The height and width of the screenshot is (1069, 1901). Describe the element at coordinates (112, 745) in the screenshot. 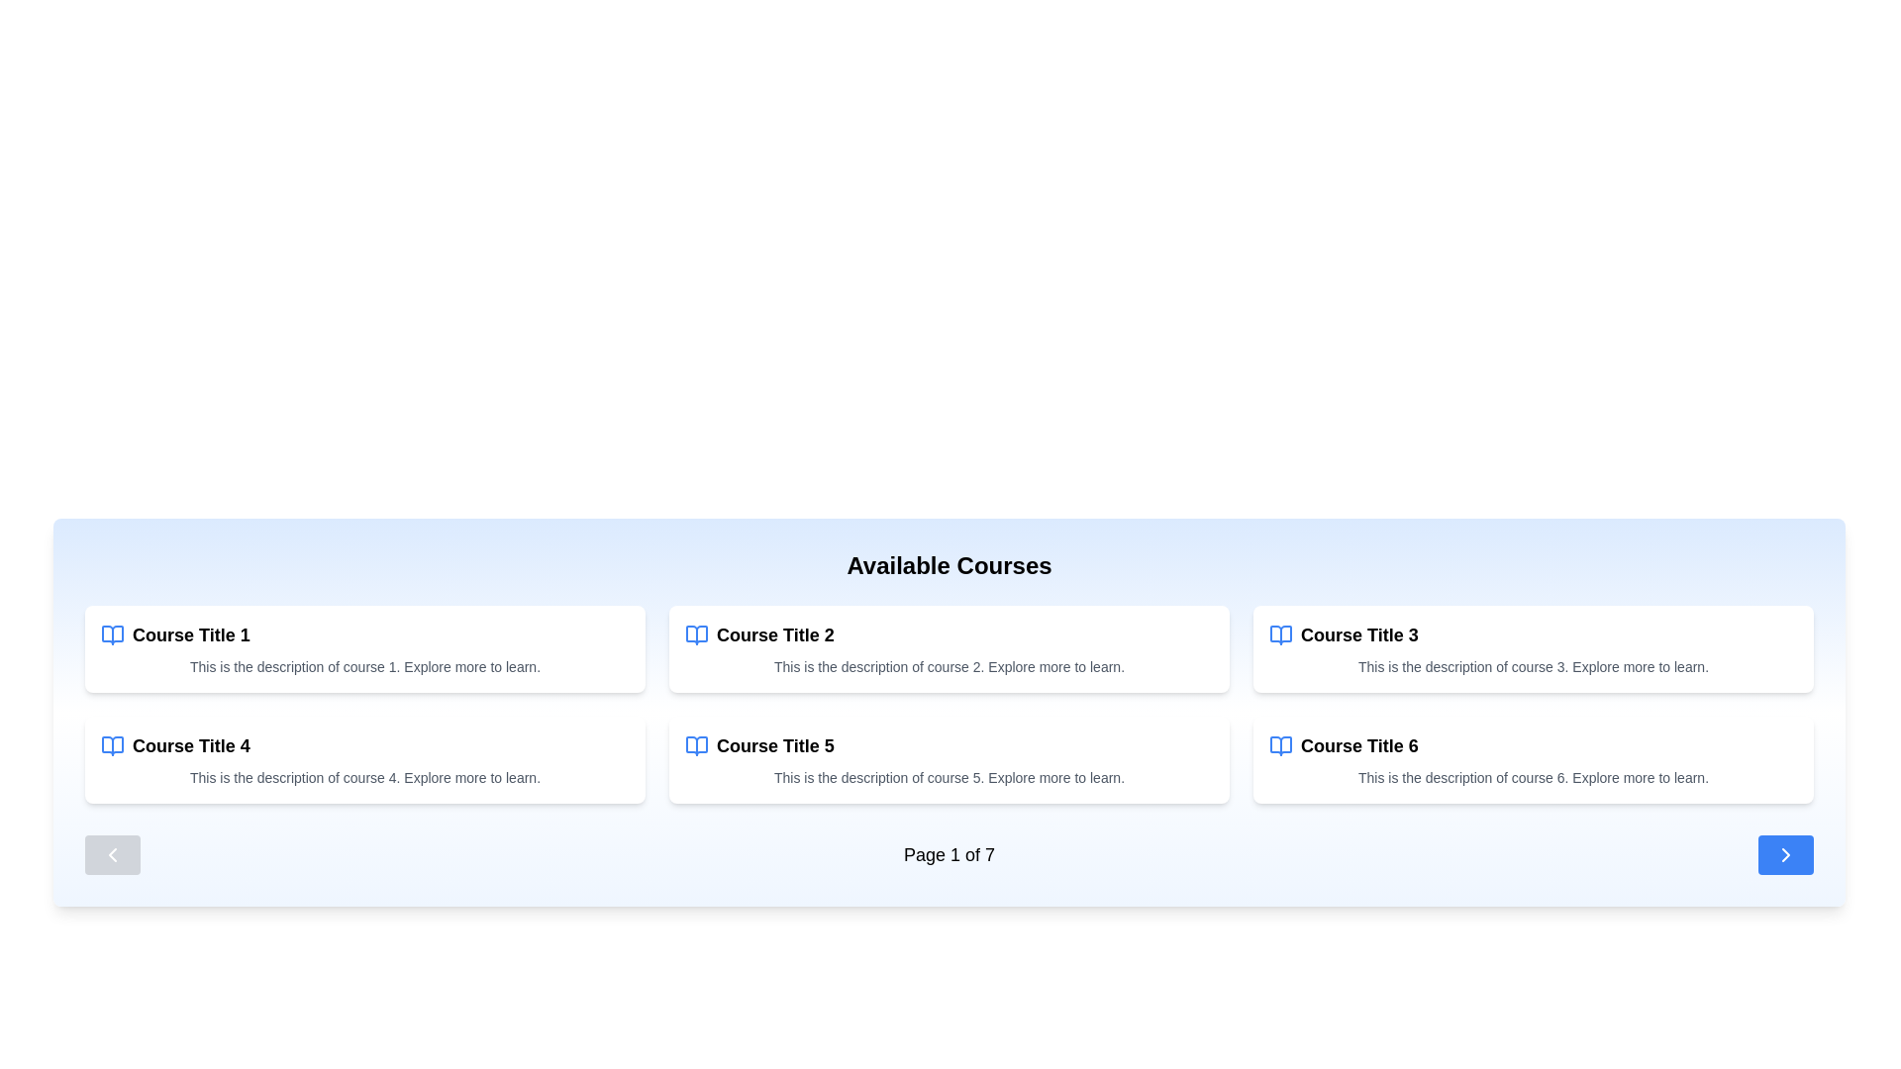

I see `the course icon located at the leftmost position of the fourth course card, next to the text 'Course Title 4'` at that location.